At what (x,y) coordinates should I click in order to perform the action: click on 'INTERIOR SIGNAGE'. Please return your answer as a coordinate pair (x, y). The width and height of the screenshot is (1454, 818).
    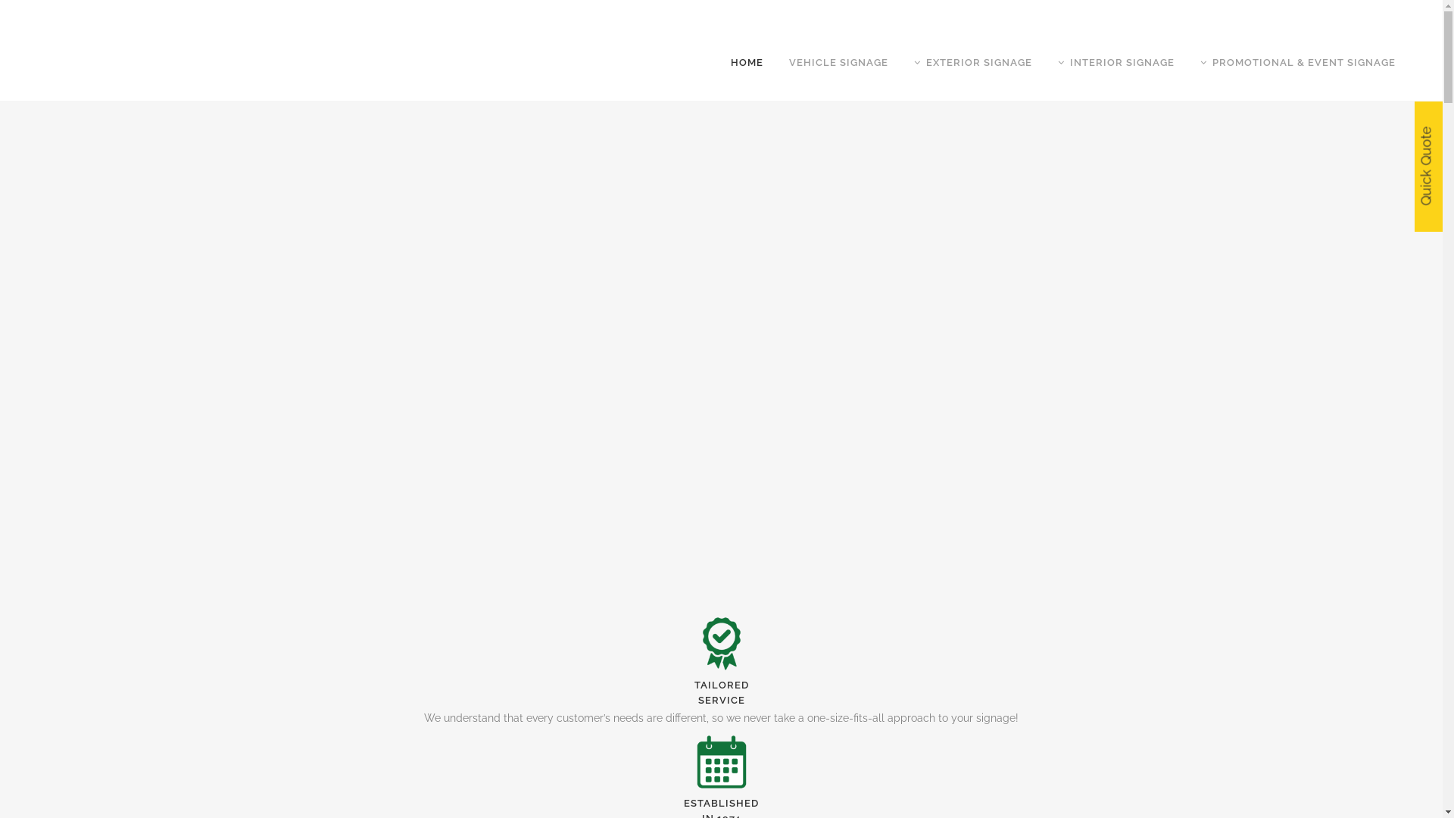
    Looking at the image, I should click on (1115, 62).